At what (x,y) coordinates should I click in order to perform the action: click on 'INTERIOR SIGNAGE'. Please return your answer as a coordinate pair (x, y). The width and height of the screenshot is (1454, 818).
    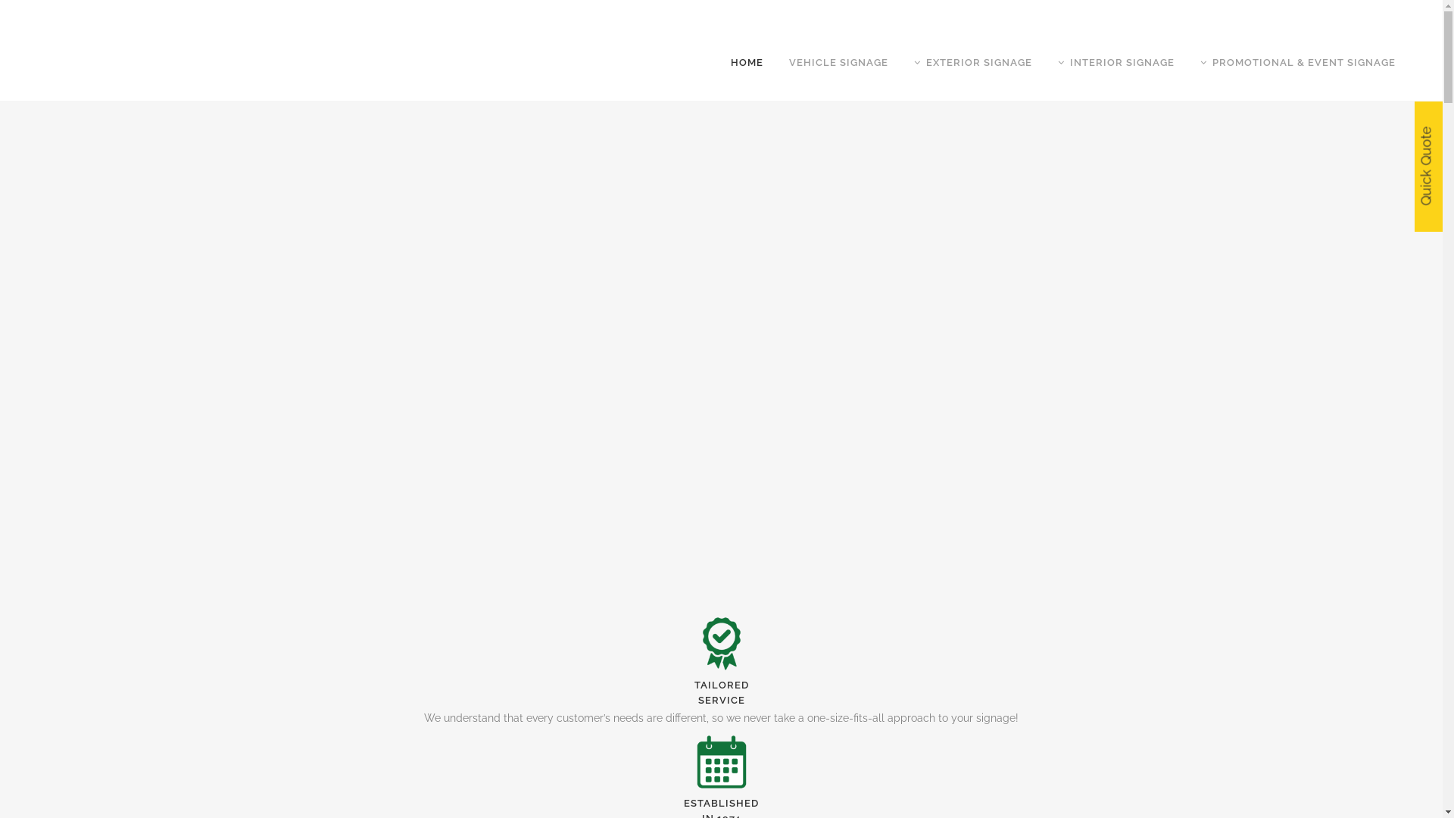
    Looking at the image, I should click on (1115, 62).